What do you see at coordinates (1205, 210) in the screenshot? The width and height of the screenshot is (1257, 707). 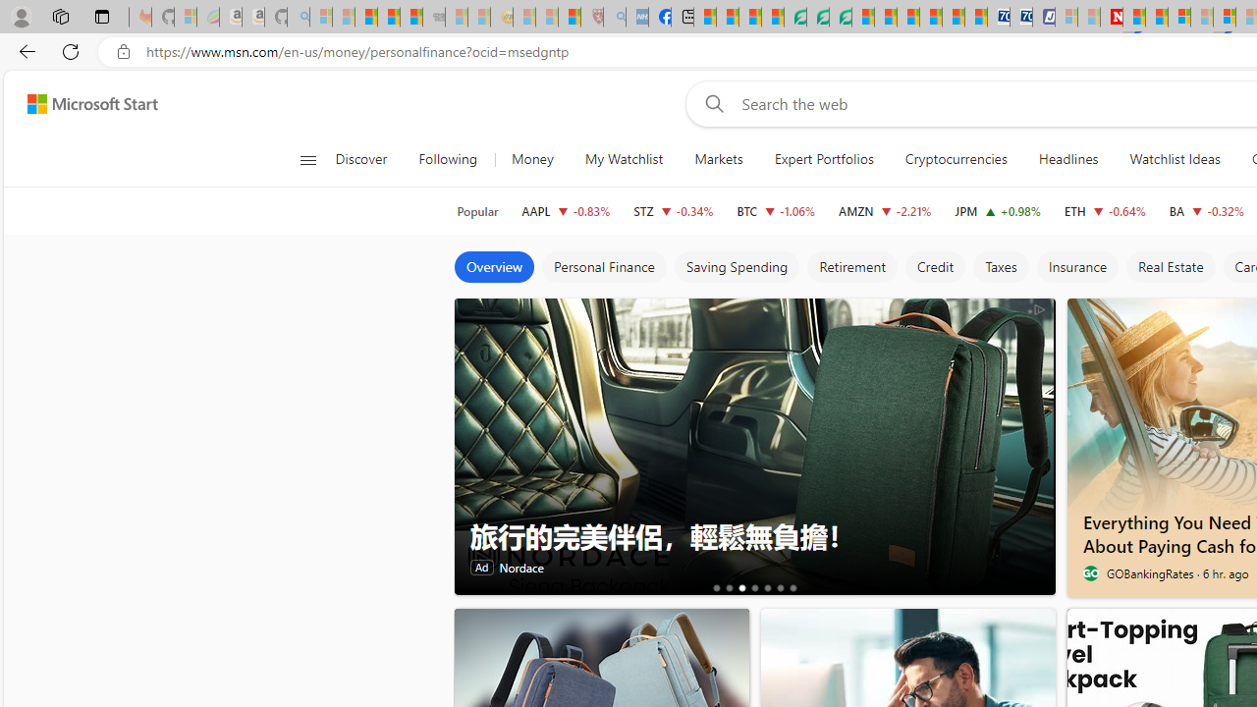 I see `'BA THE BOEING COMPANY decrease 172.87 -0.56 -0.32%'` at bounding box center [1205, 210].